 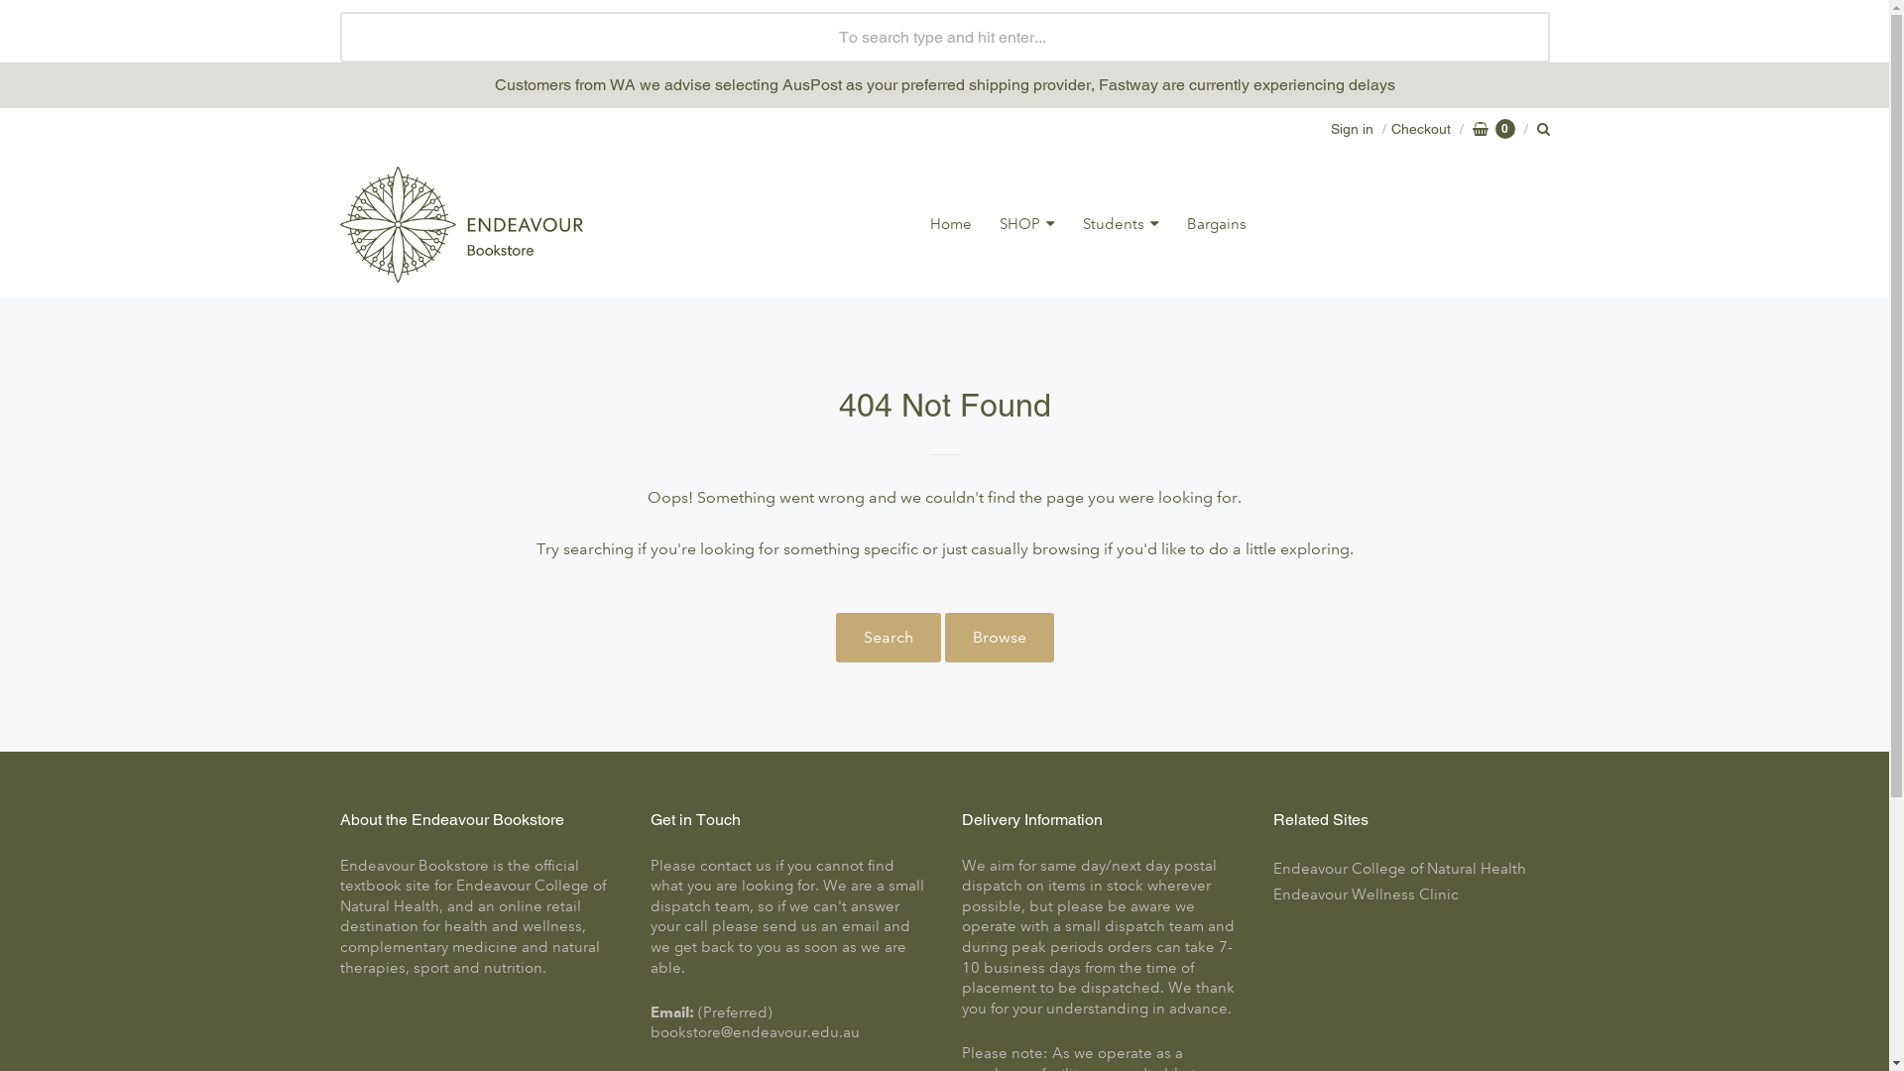 What do you see at coordinates (1410, 868) in the screenshot?
I see `'Endeavour College of Natural Health'` at bounding box center [1410, 868].